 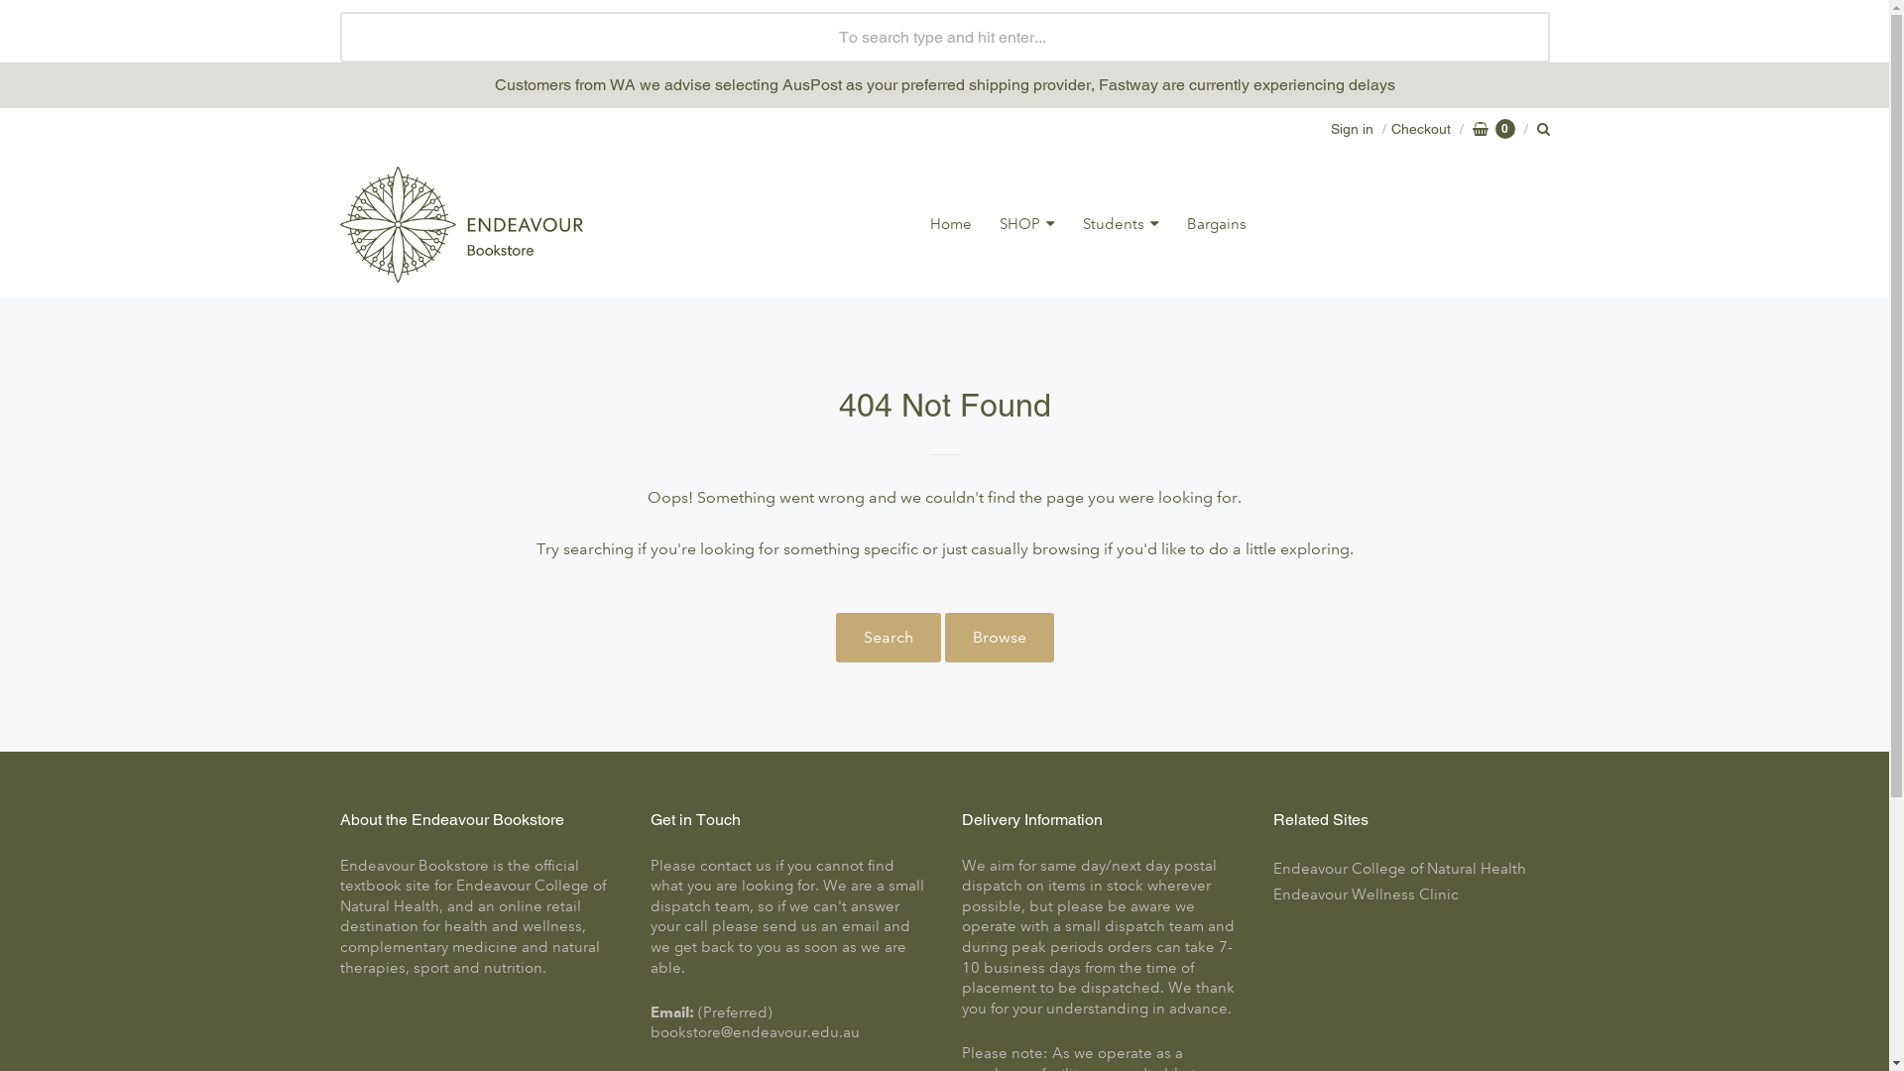 What do you see at coordinates (1410, 868) in the screenshot?
I see `'Endeavour College of Natural Health'` at bounding box center [1410, 868].